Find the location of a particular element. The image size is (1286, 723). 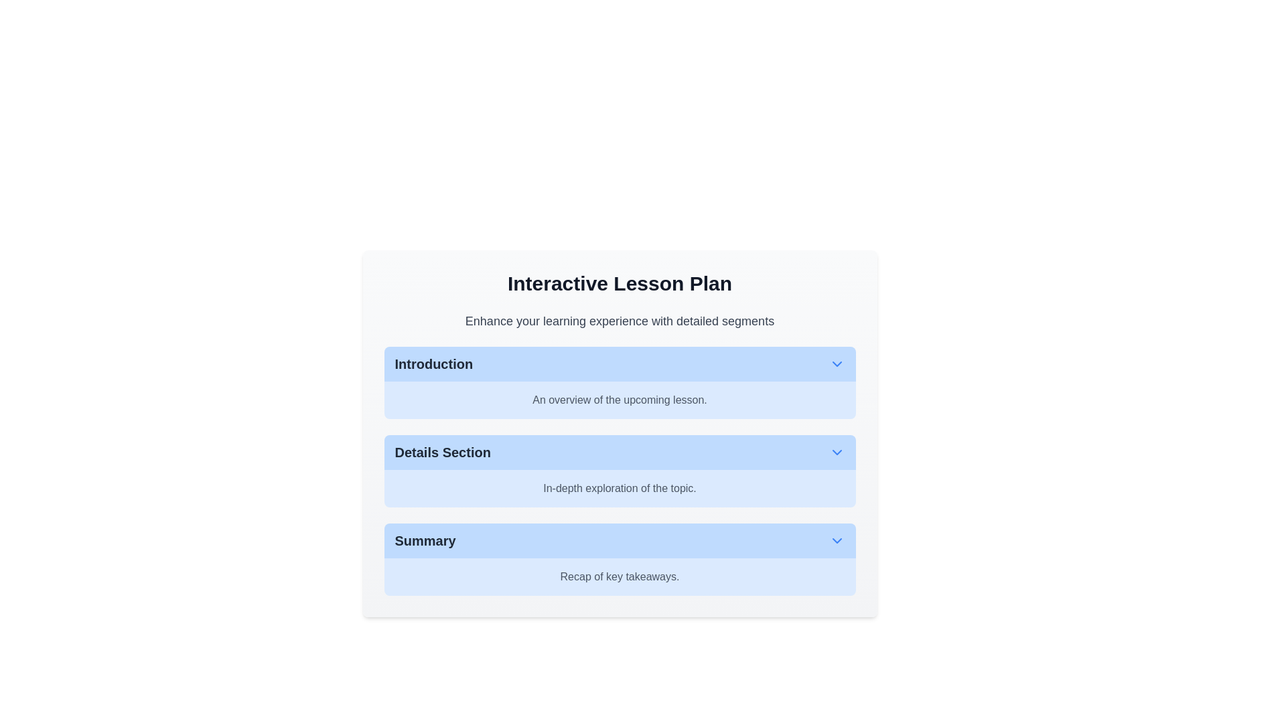

the text label that reads 'An overview of the upcoming lesson.' which is styled in gray and located within the blue card labeled 'Introduction.' is located at coordinates (619, 399).